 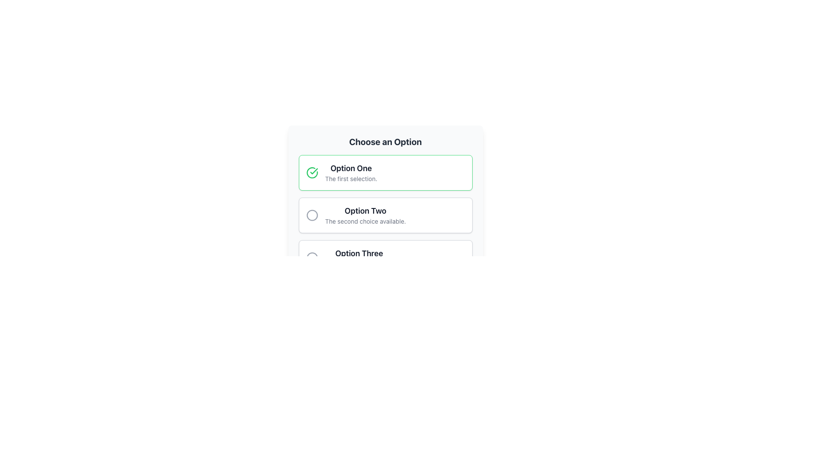 I want to click on text of the prominent label 'Option Three' which is styled with a larger font size and bold characters, located in the 'Choose an Option' section, so click(x=359, y=253).